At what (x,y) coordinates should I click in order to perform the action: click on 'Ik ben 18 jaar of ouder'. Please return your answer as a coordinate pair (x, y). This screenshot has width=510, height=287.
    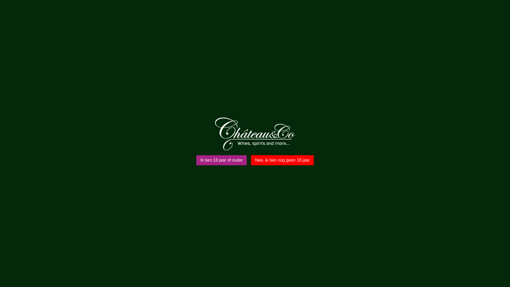
    Looking at the image, I should click on (222, 160).